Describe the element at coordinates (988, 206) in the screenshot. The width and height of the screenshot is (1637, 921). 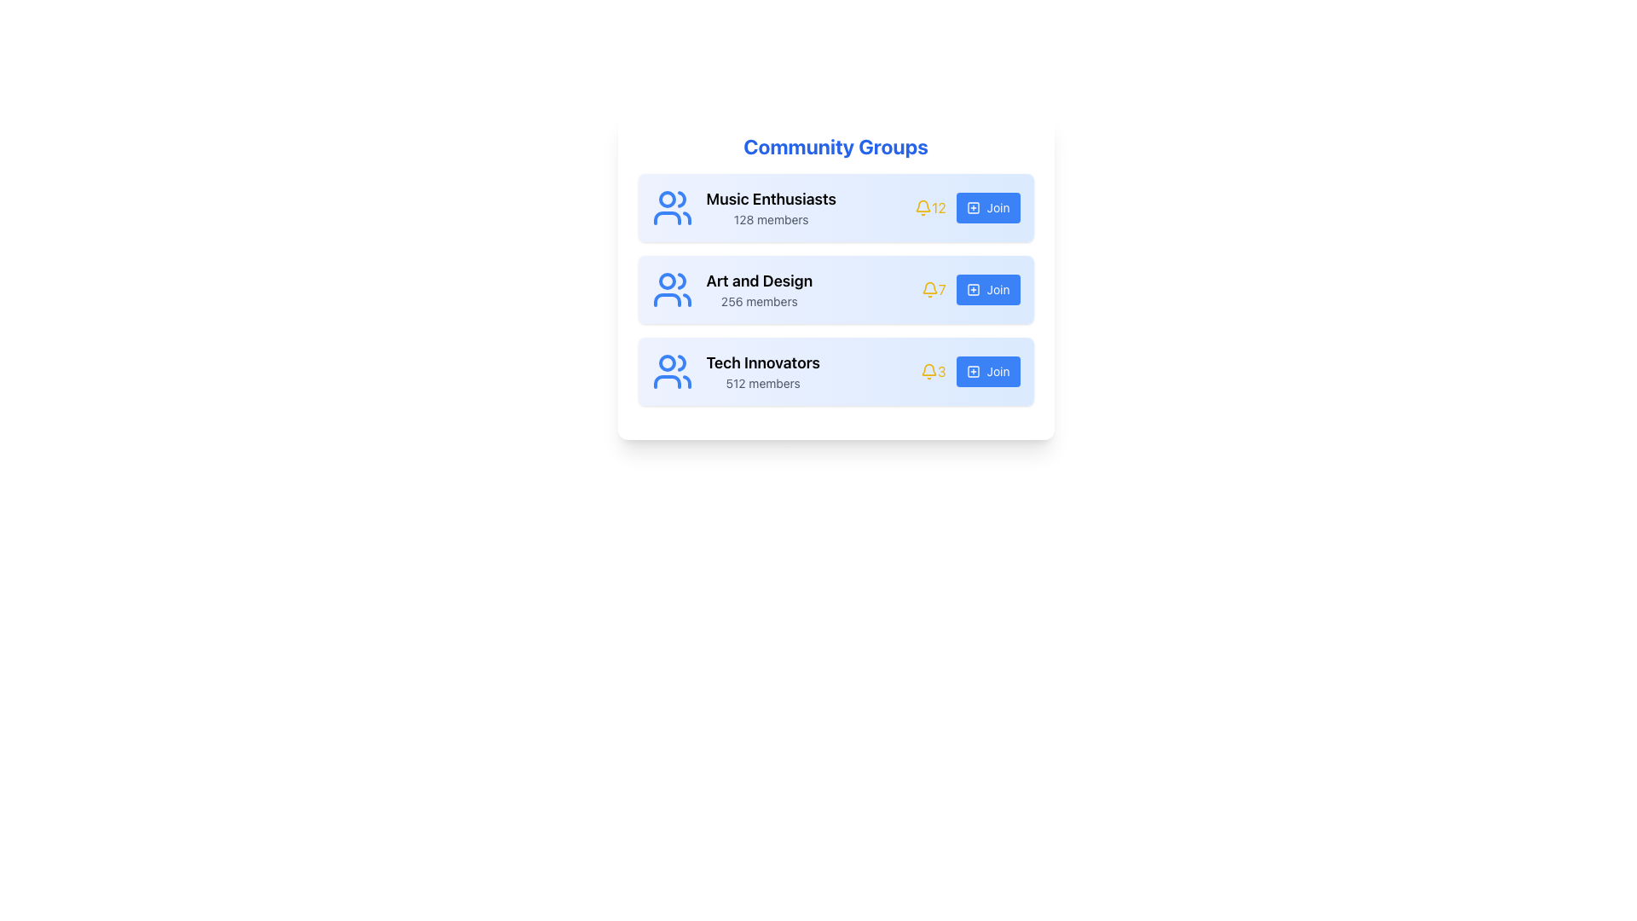
I see `the button for joining the 'Music Enthusiasts' community group located on the right side of the first row in the 'Community Groups' section` at that location.